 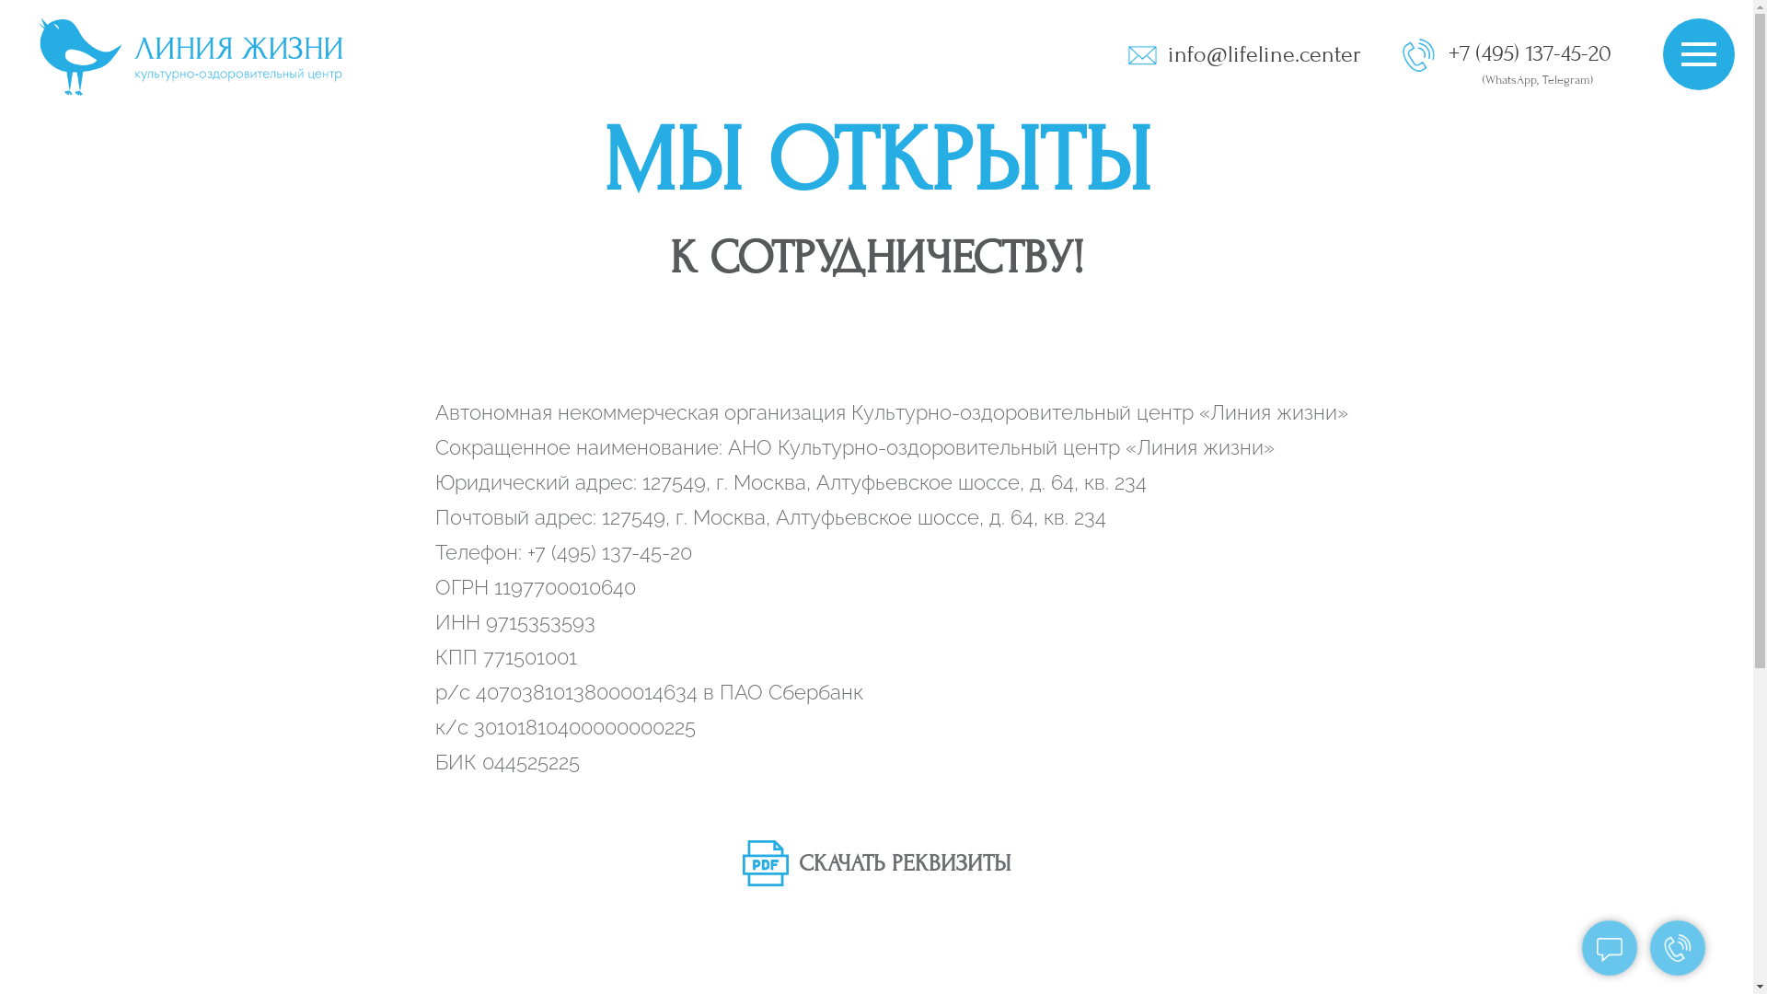 I want to click on 'Telegram', so click(x=1542, y=79).